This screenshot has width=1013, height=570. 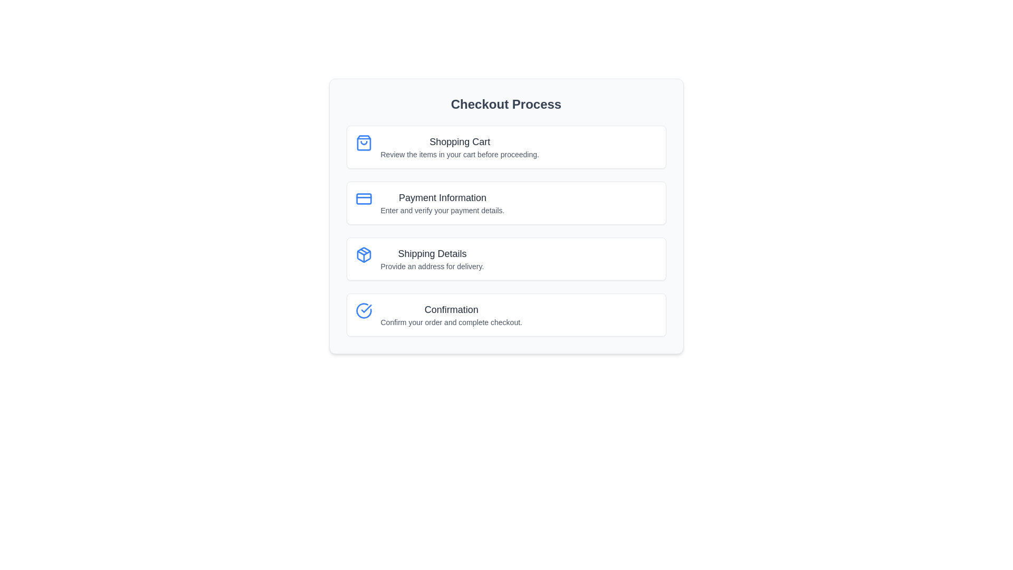 What do you see at coordinates (364, 199) in the screenshot?
I see `the blue credit card icon located within the 'Payment Information' card in the 'Checkout Process' step list` at bounding box center [364, 199].